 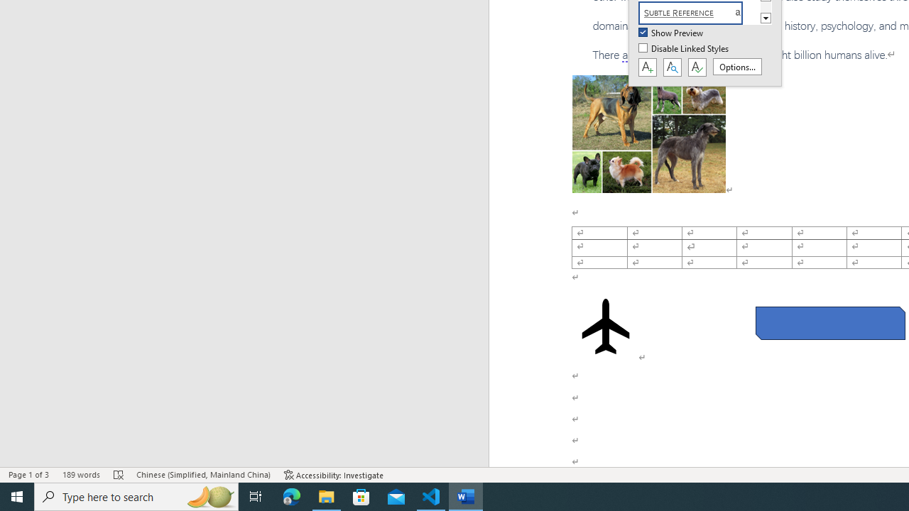 What do you see at coordinates (28, 475) in the screenshot?
I see `'Page Number Page 1 of 3'` at bounding box center [28, 475].